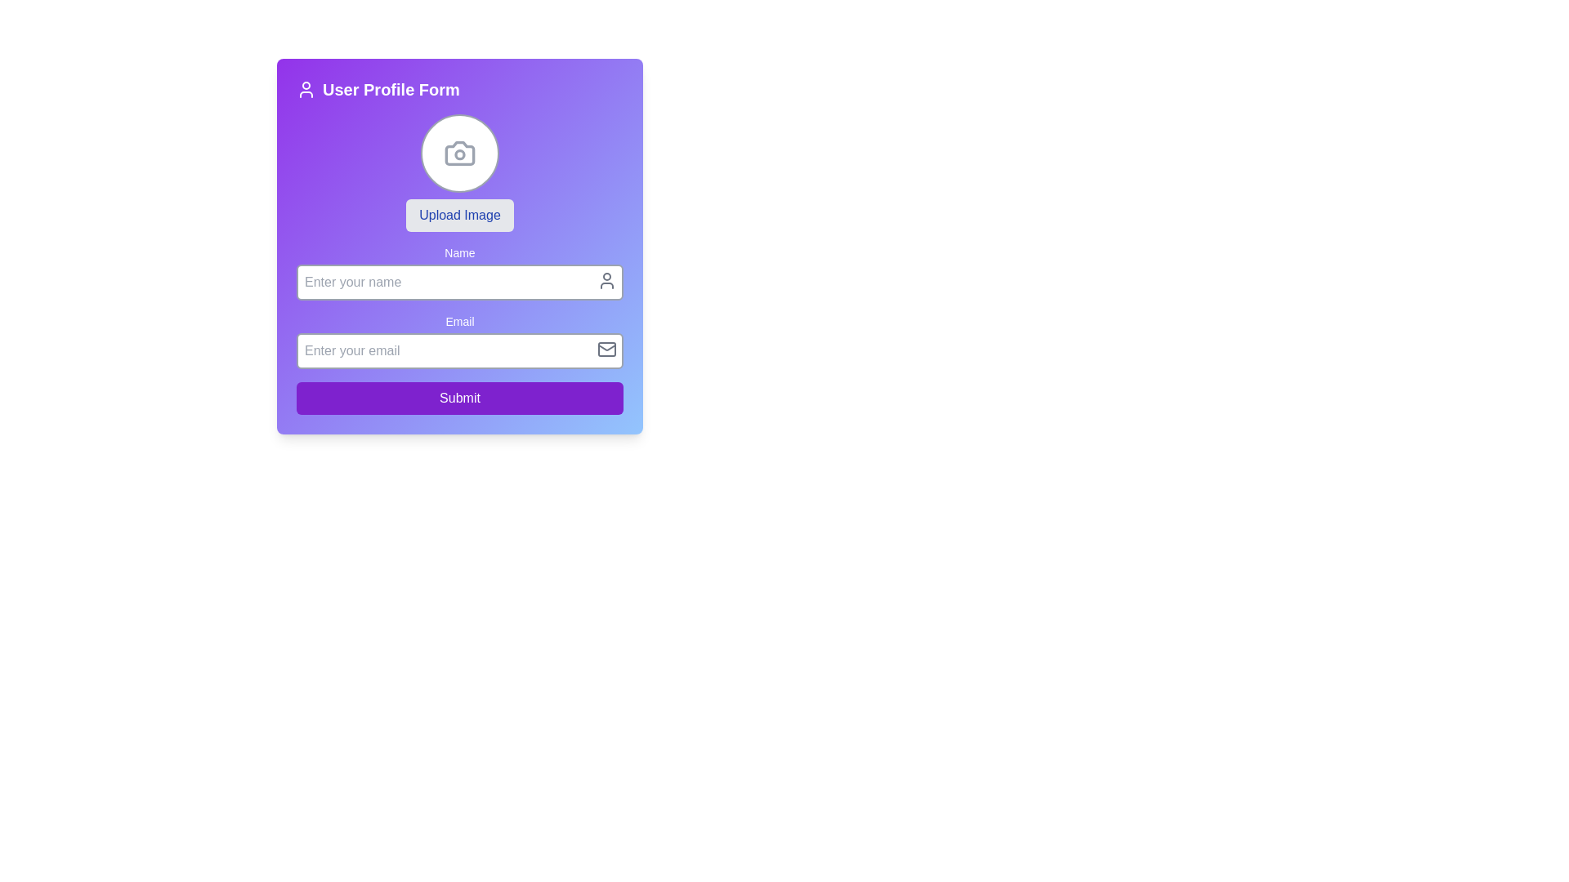  Describe the element at coordinates (606, 349) in the screenshot. I see `the decorative icon base element that resembles an envelope, positioned to the right of the email input field` at that location.